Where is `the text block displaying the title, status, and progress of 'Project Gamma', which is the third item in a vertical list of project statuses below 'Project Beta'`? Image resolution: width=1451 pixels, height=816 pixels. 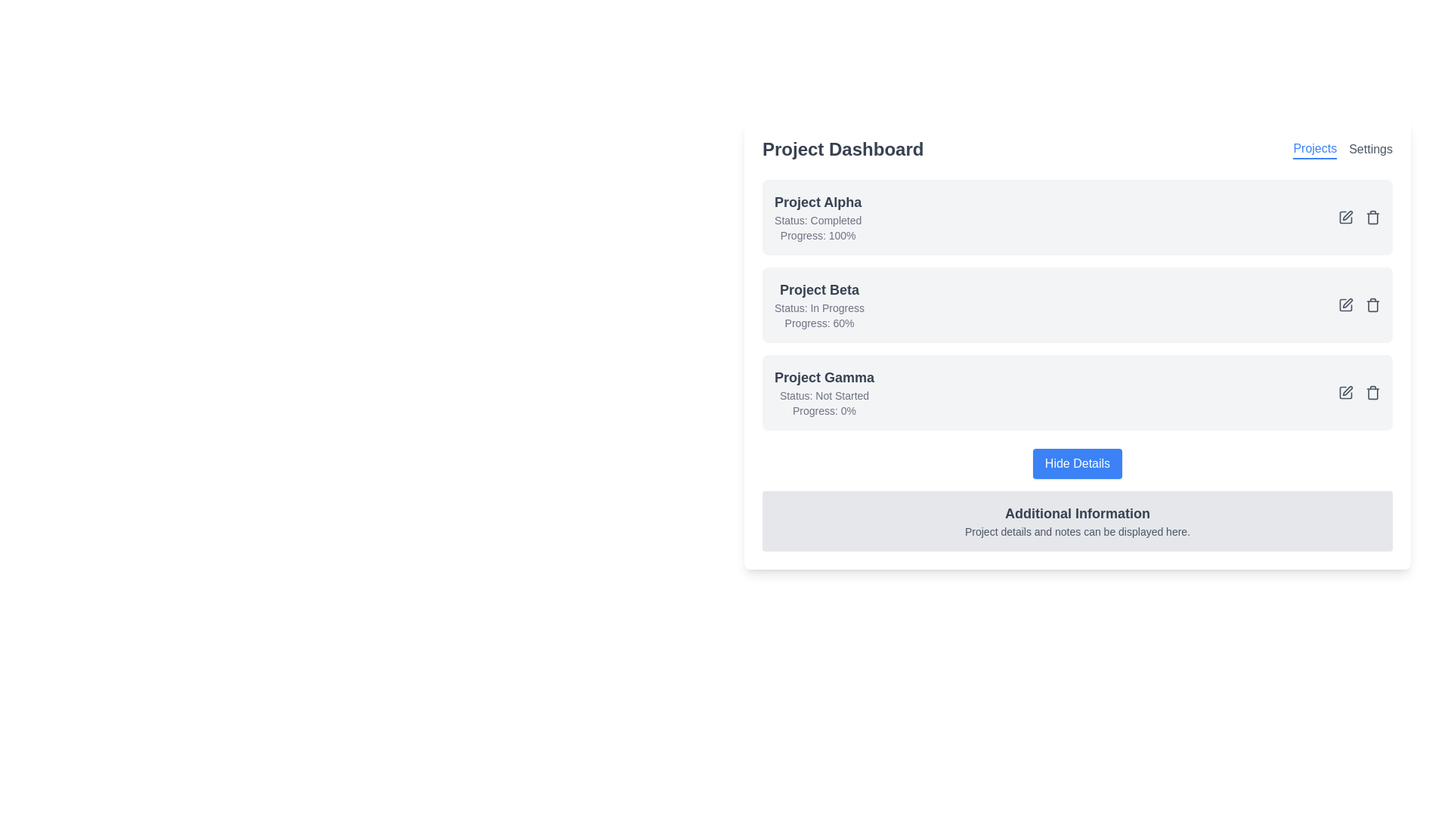
the text block displaying the title, status, and progress of 'Project Gamma', which is the third item in a vertical list of project statuses below 'Project Beta' is located at coordinates (823, 392).